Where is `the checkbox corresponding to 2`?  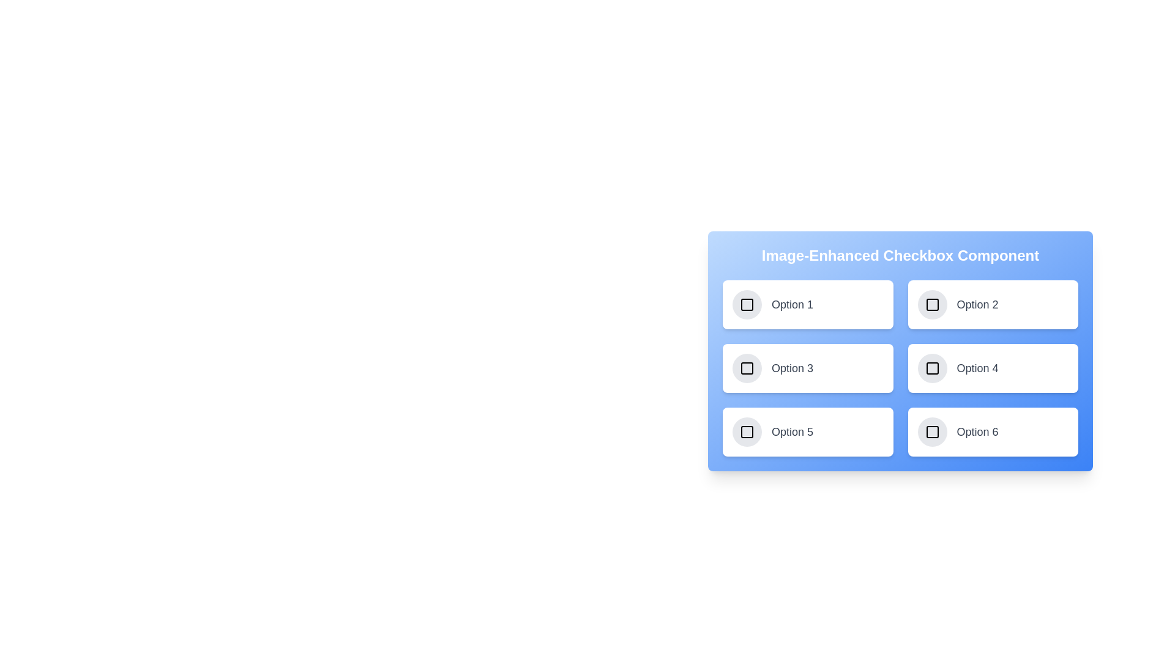 the checkbox corresponding to 2 is located at coordinates (931, 304).